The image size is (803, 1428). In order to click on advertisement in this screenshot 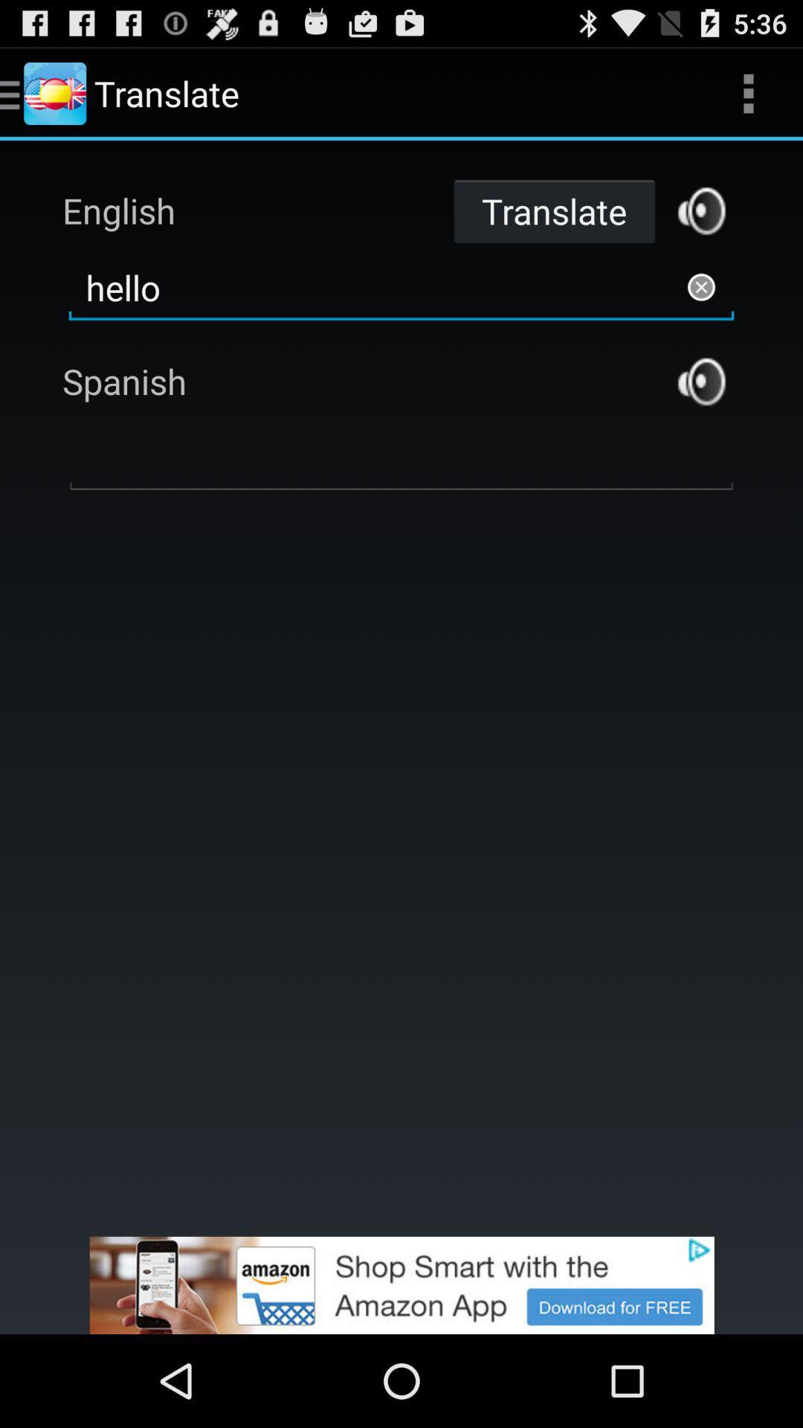, I will do `click(701, 210)`.